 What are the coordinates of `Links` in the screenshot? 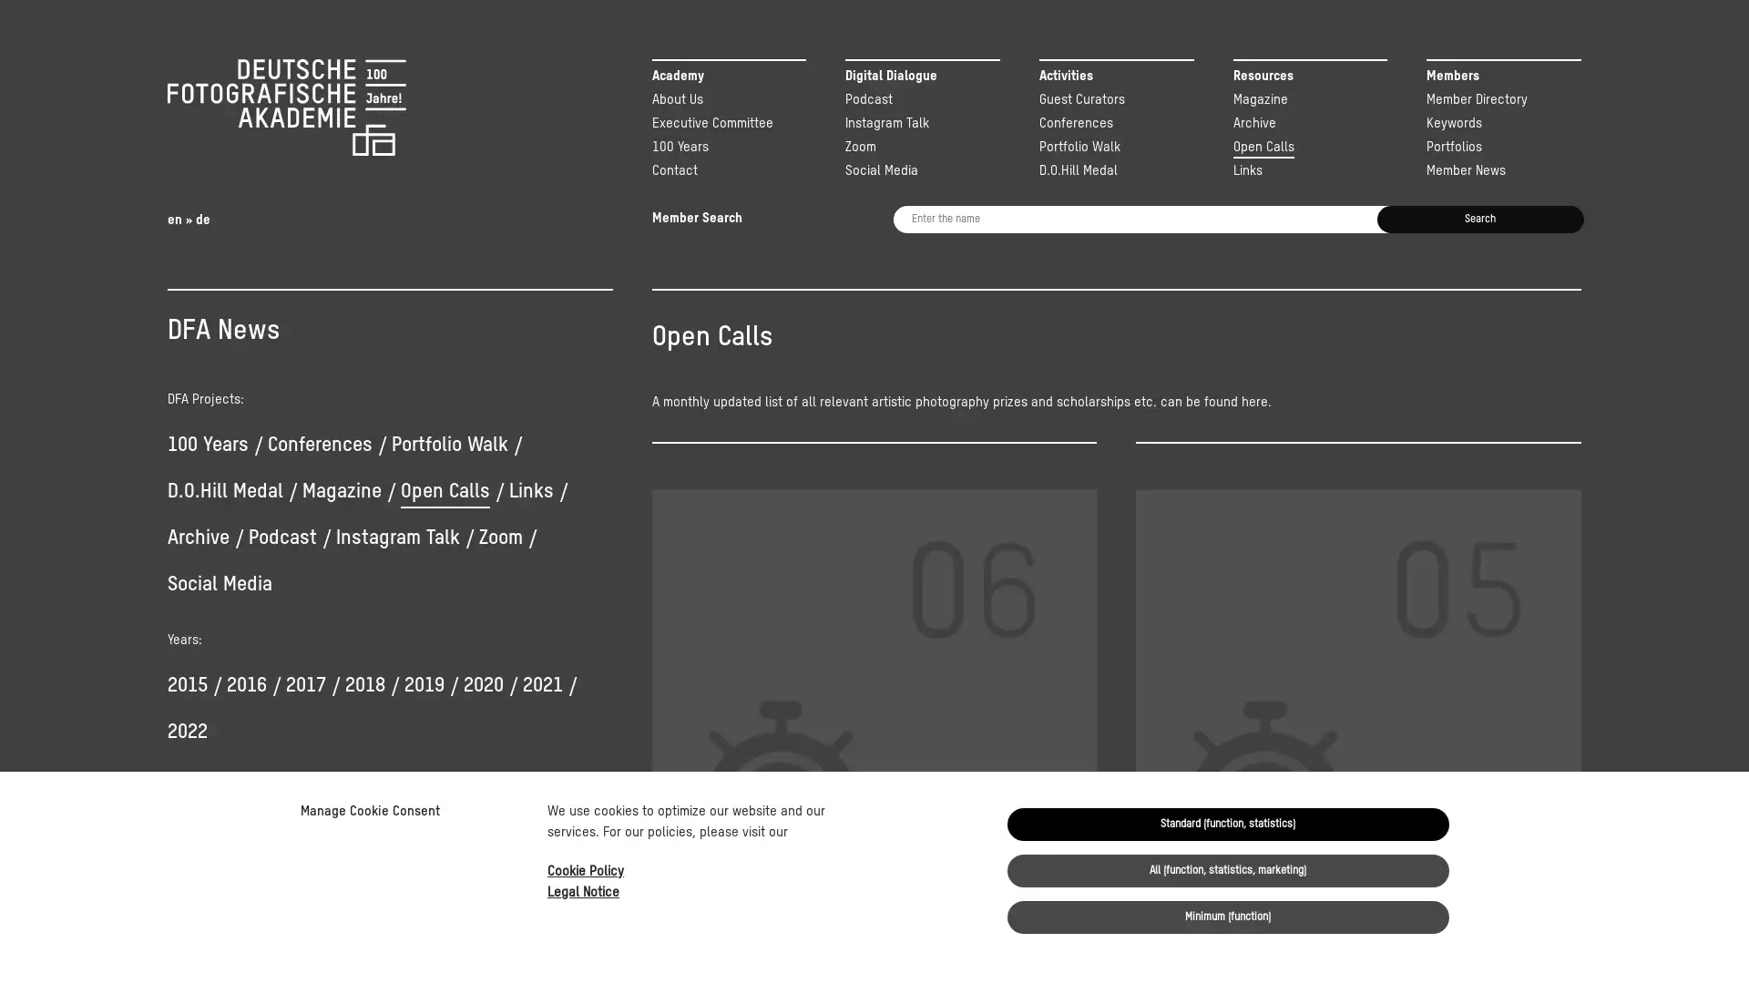 It's located at (530, 492).